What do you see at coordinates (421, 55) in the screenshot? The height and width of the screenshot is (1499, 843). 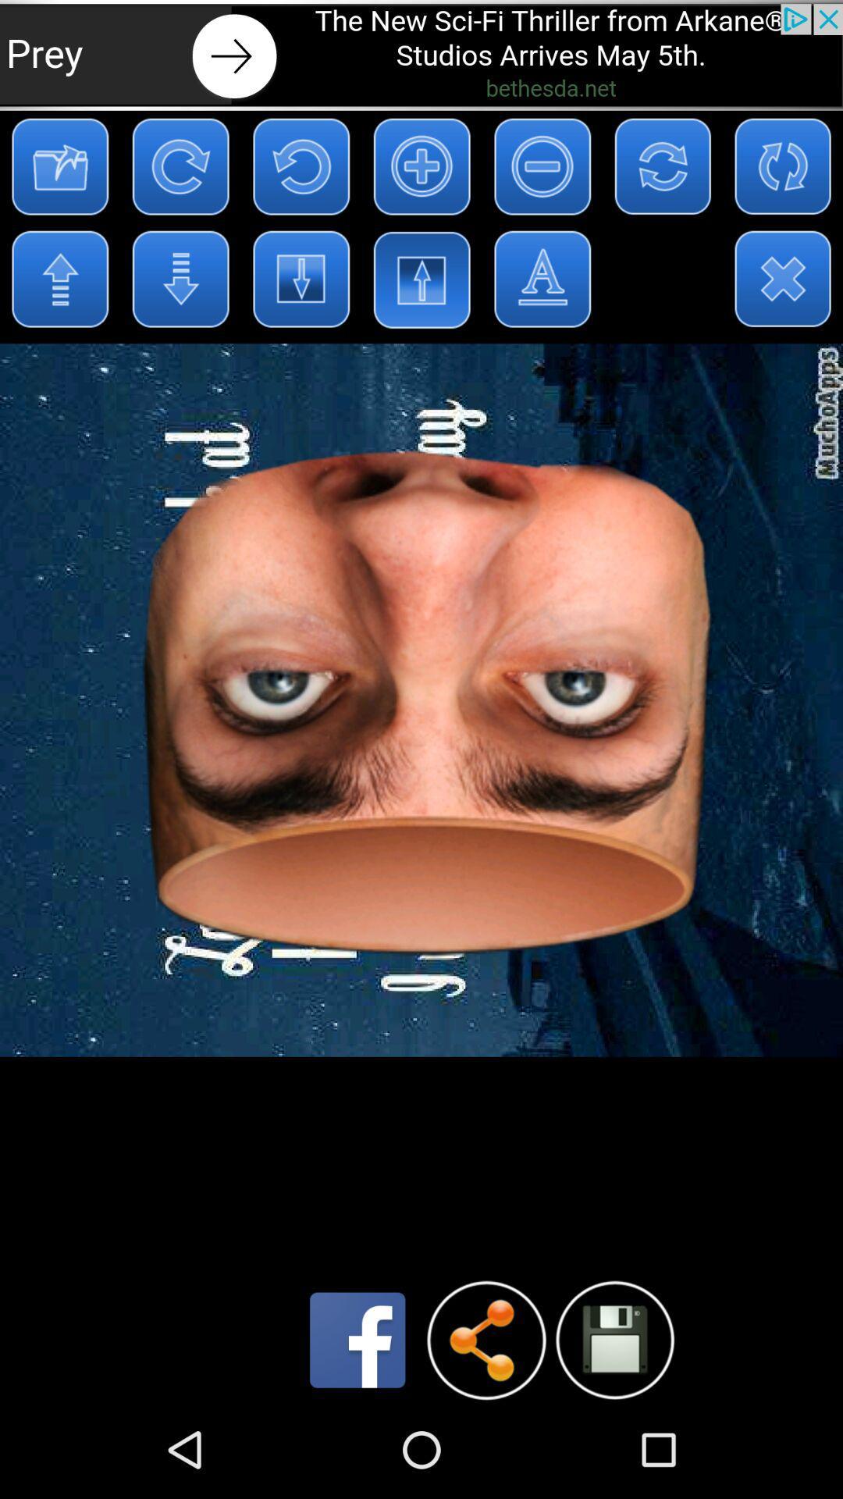 I see `next` at bounding box center [421, 55].